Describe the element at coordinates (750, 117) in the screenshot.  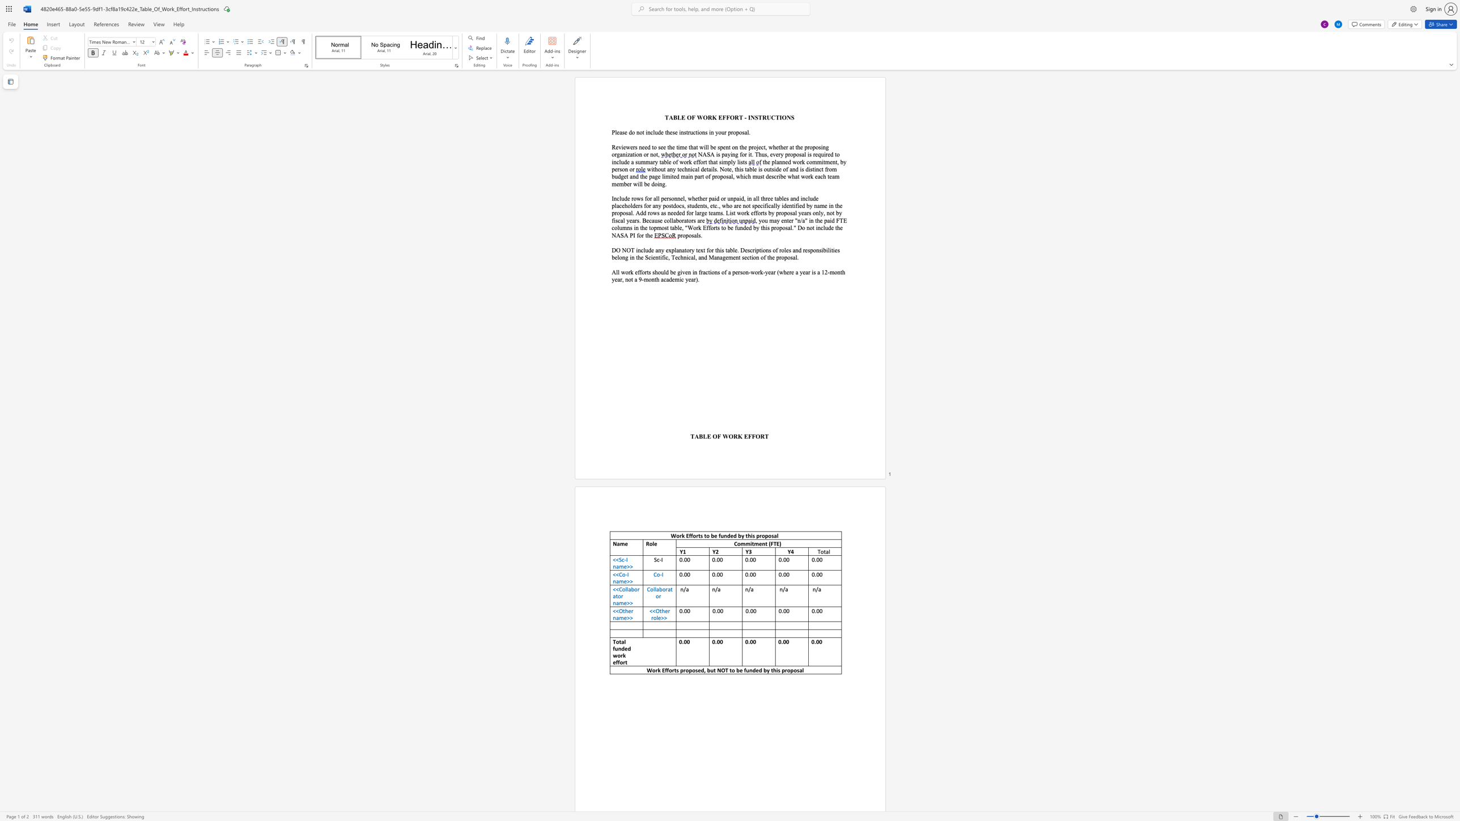
I see `the space between the continuous character "I" and "N" in the text` at that location.